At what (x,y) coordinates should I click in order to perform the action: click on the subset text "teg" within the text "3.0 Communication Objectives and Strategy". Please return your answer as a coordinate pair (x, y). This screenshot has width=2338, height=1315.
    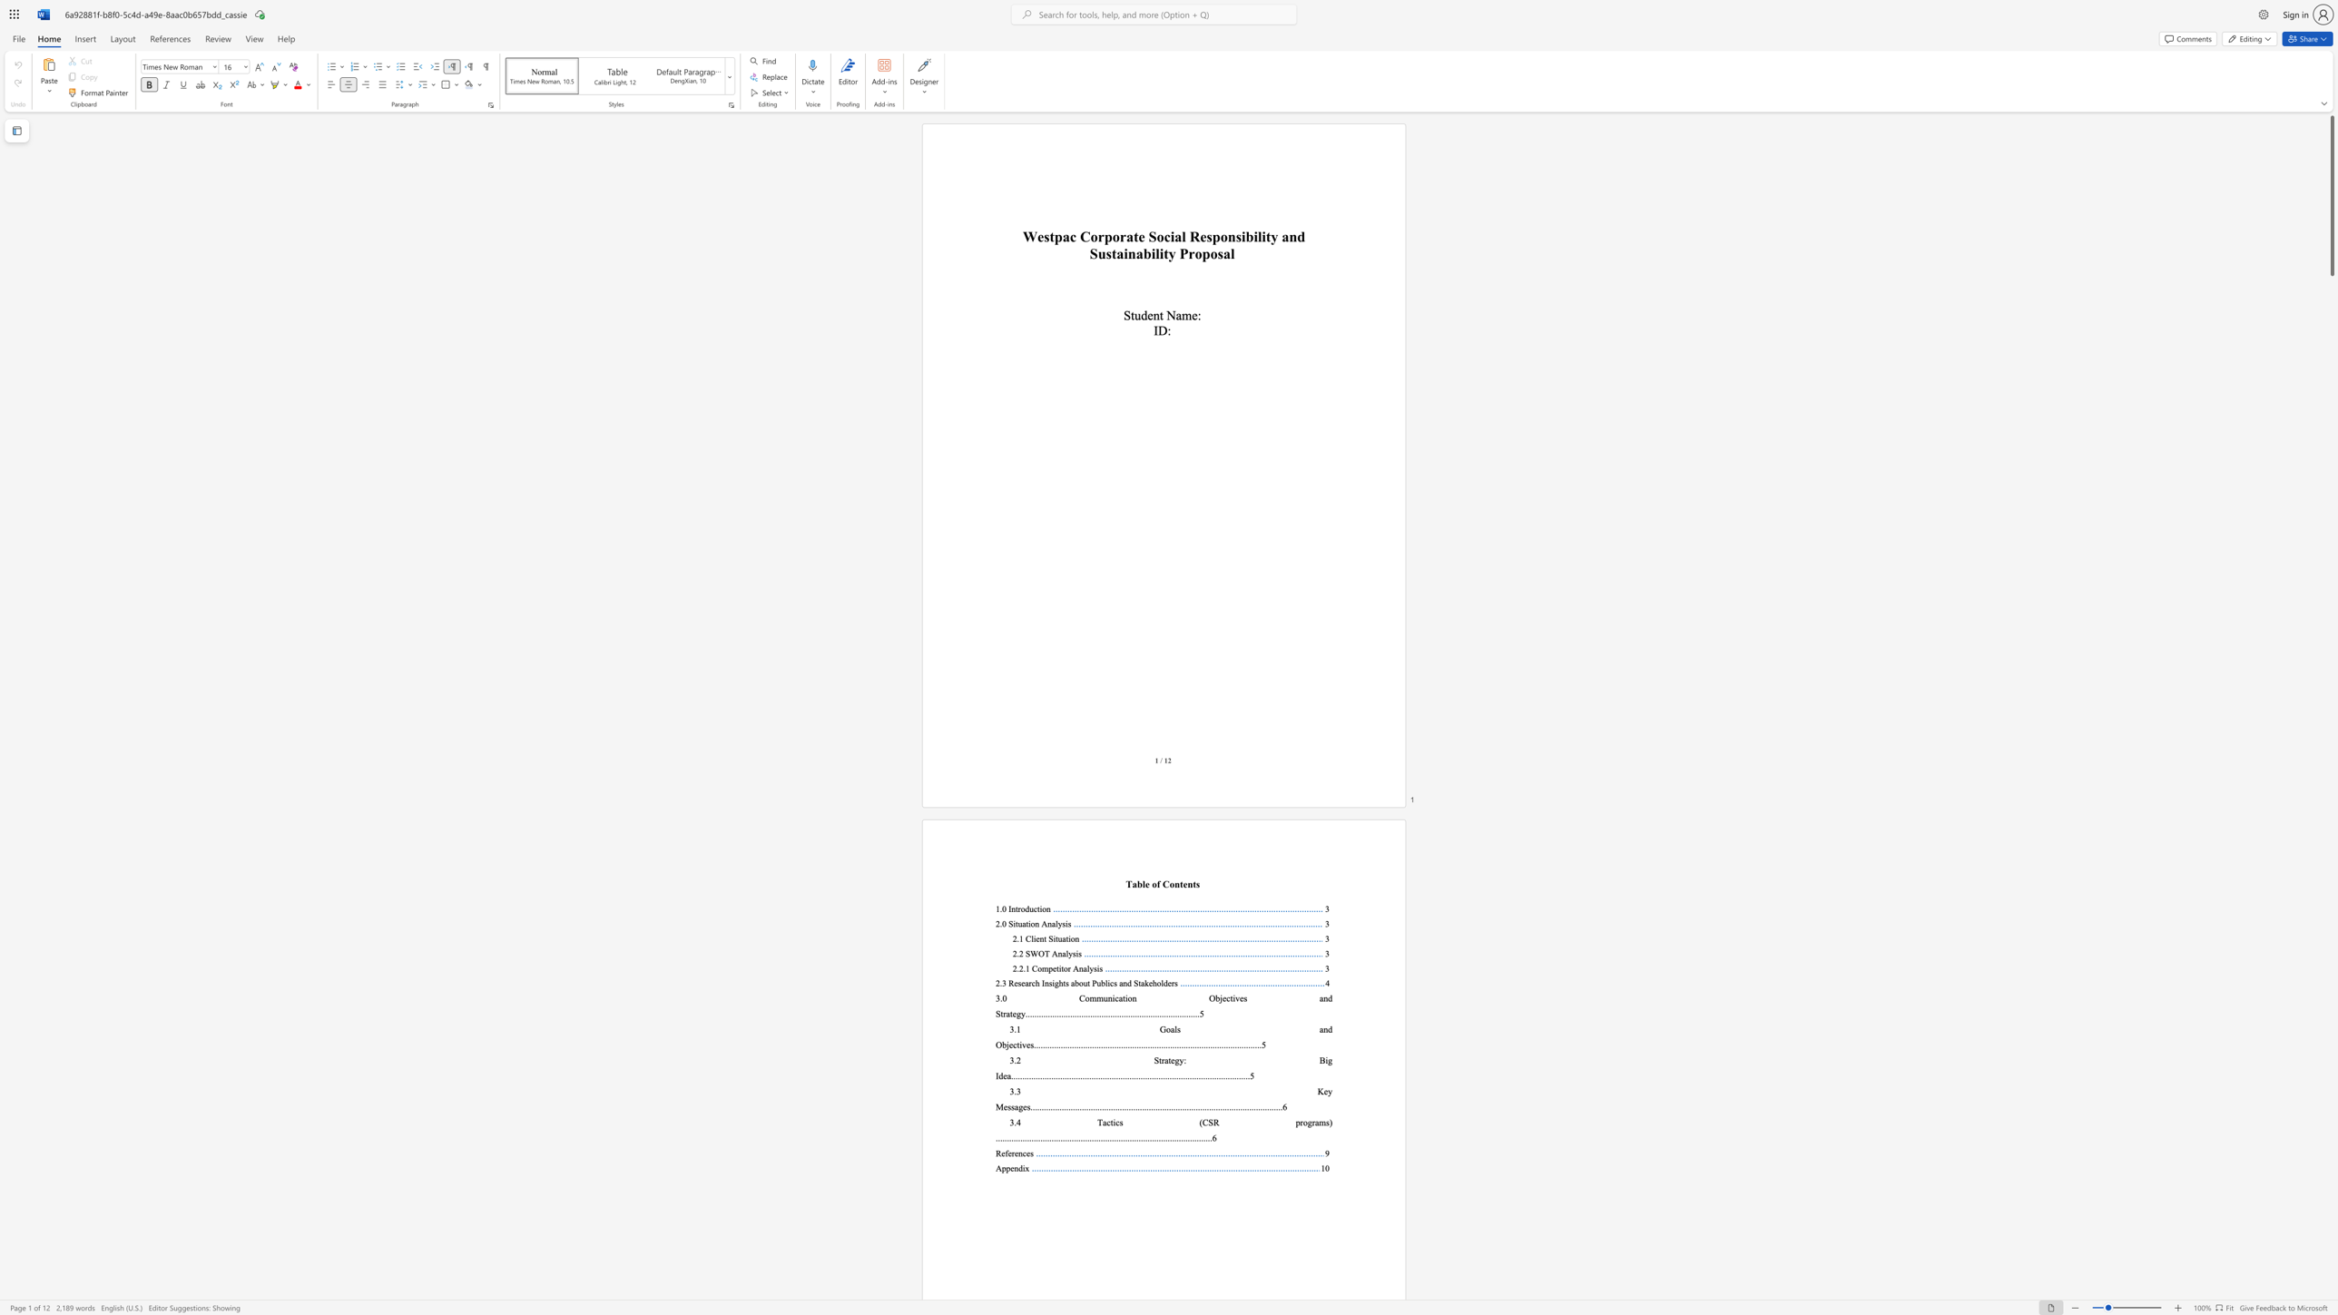
    Looking at the image, I should click on (1009, 1014).